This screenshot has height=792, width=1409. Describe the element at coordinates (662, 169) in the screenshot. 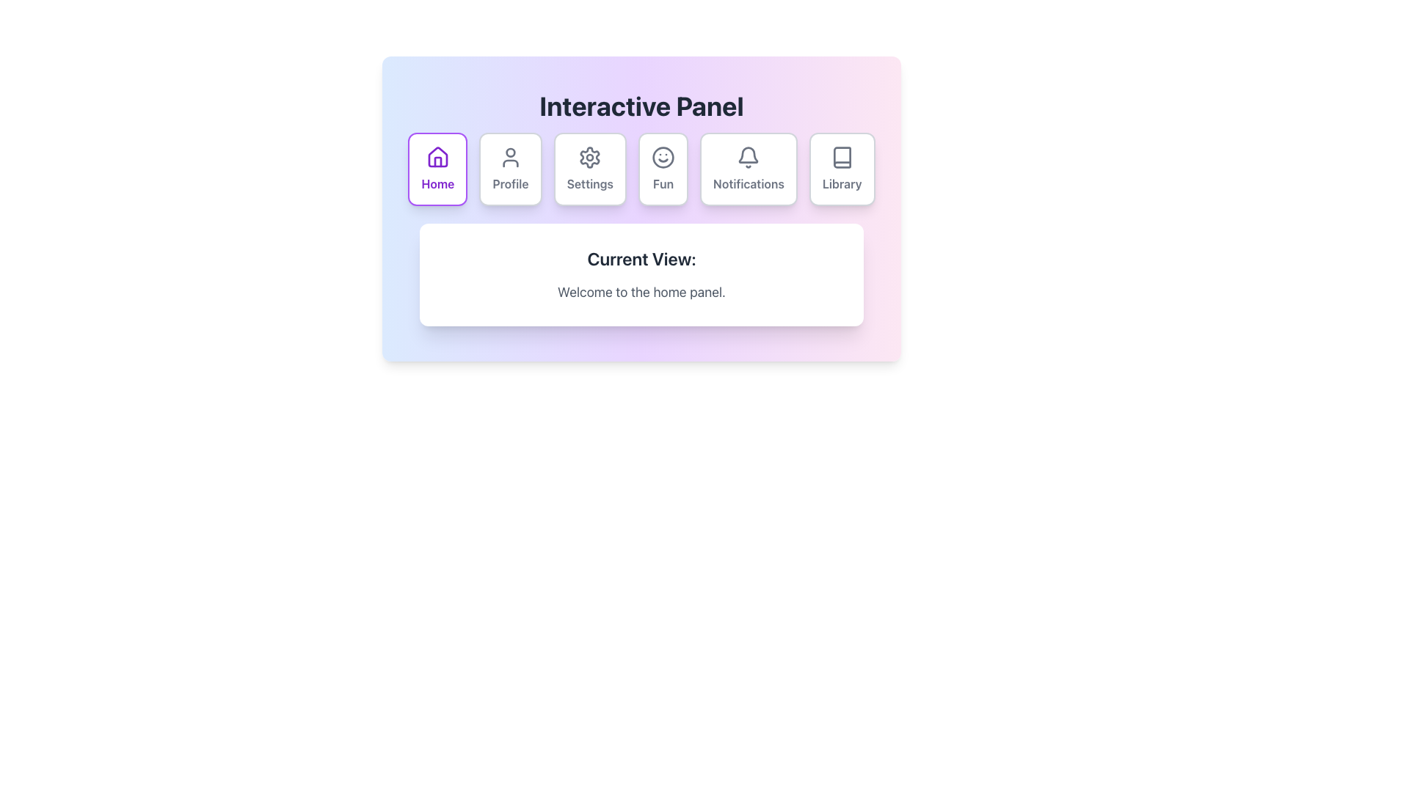

I see `the fourth button from the left in a row of six buttons, located below the 'Interactive Panel' heading` at that location.